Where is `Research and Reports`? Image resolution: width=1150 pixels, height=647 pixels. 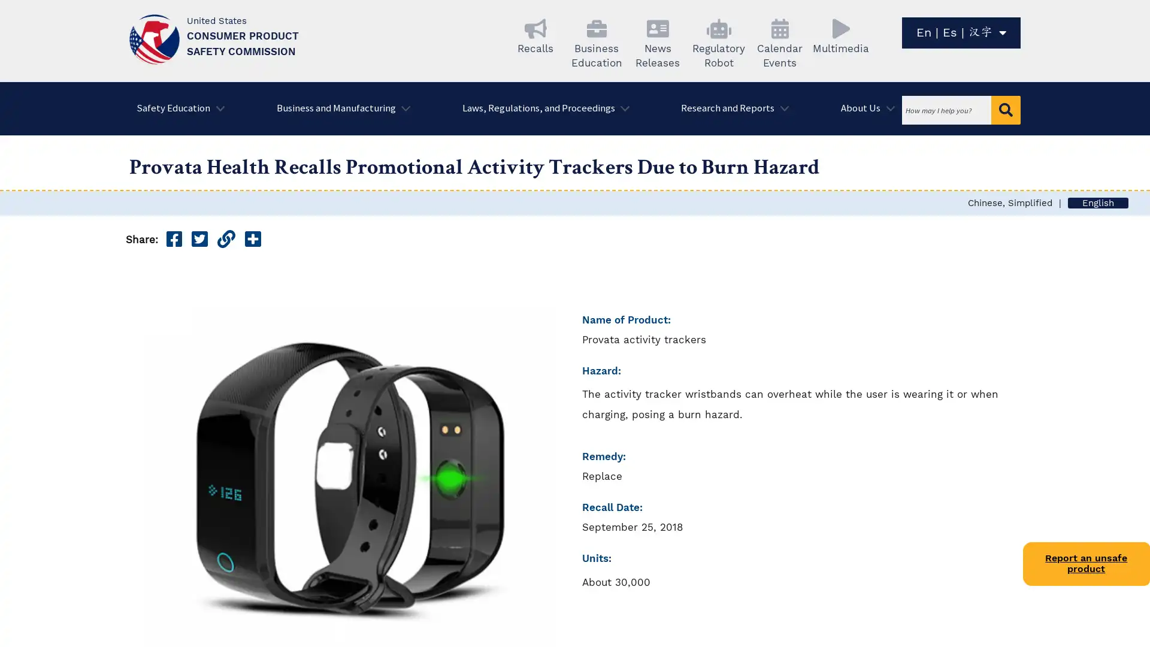
Research and Reports is located at coordinates (730, 108).